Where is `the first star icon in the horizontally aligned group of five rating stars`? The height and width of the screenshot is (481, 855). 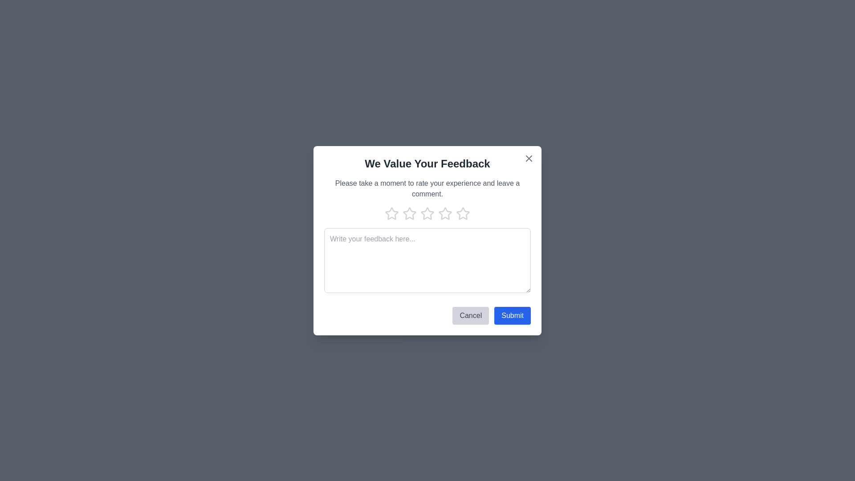
the first star icon in the horizontally aligned group of five rating stars is located at coordinates (391, 213).